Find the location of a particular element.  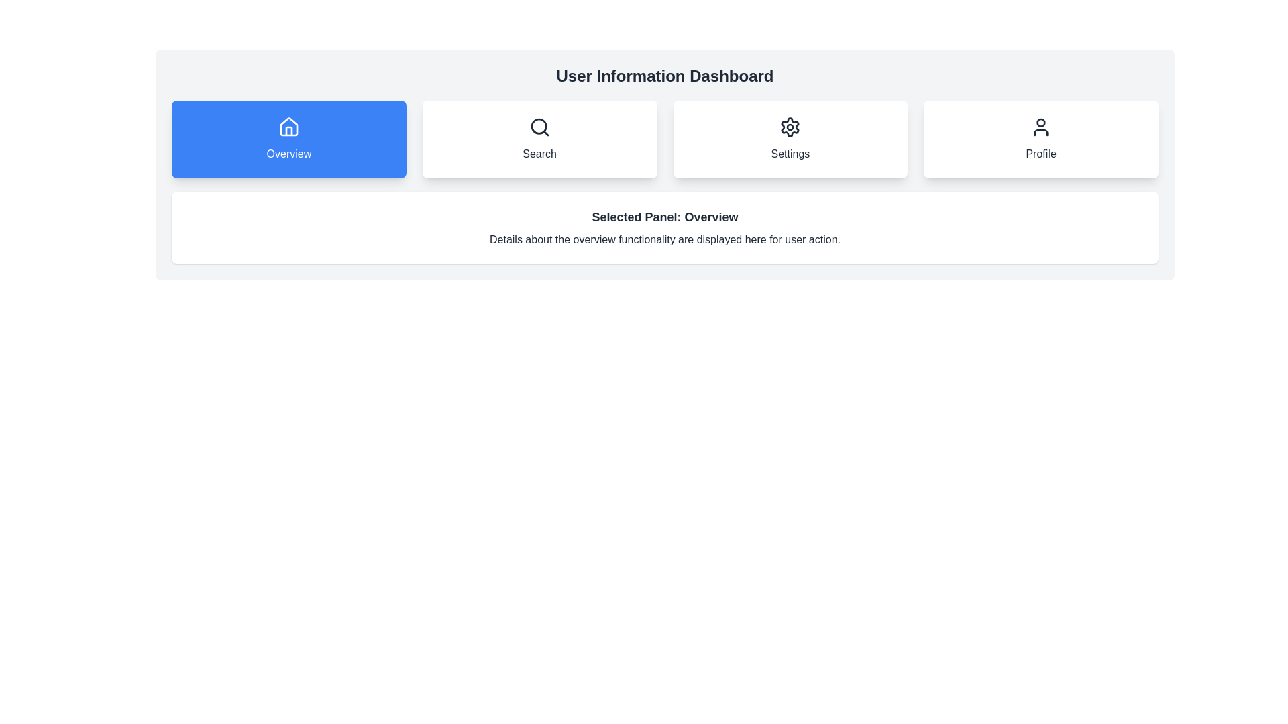

the settings icon, which is a visual indicator for the settings section, centered within the 'Settings' card positioned third from the left in the top row of options on the dashboard is located at coordinates (790, 127).